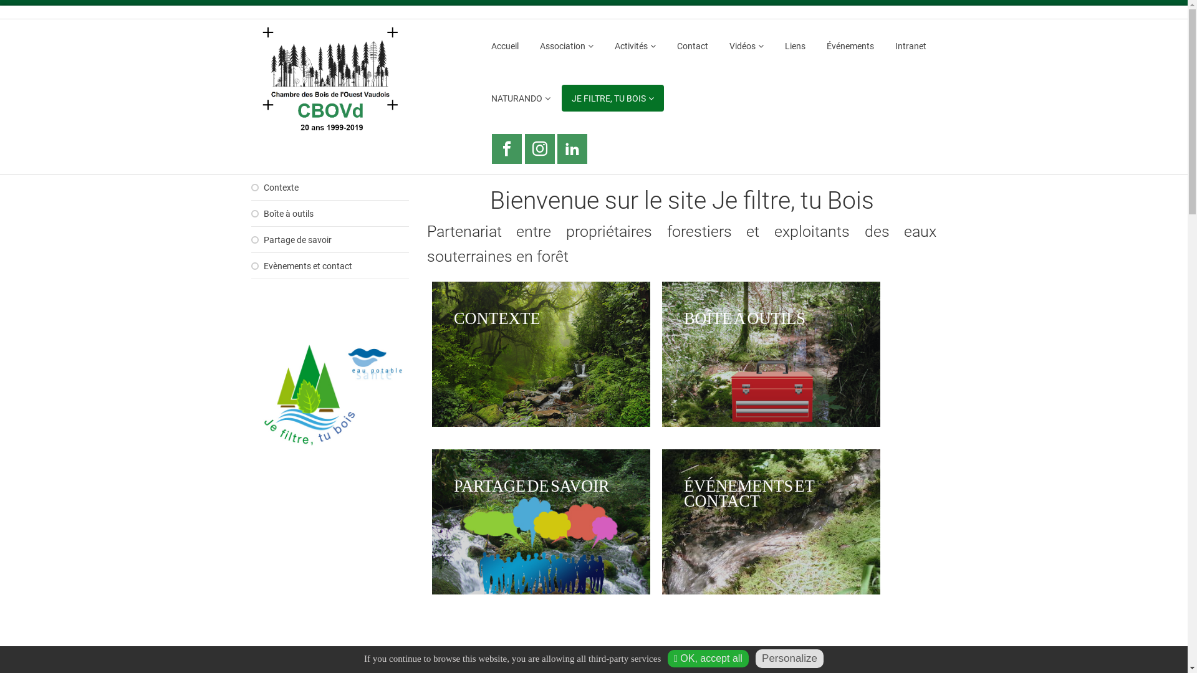  Describe the element at coordinates (789, 657) in the screenshot. I see `'Personalize'` at that location.